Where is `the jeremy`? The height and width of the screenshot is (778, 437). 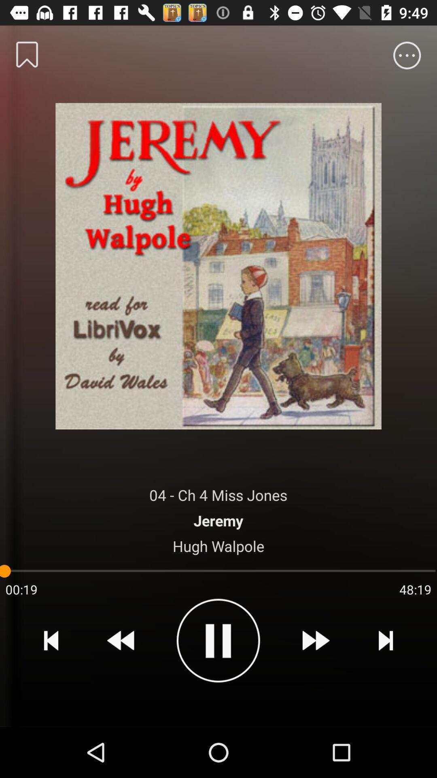
the jeremy is located at coordinates (218, 520).